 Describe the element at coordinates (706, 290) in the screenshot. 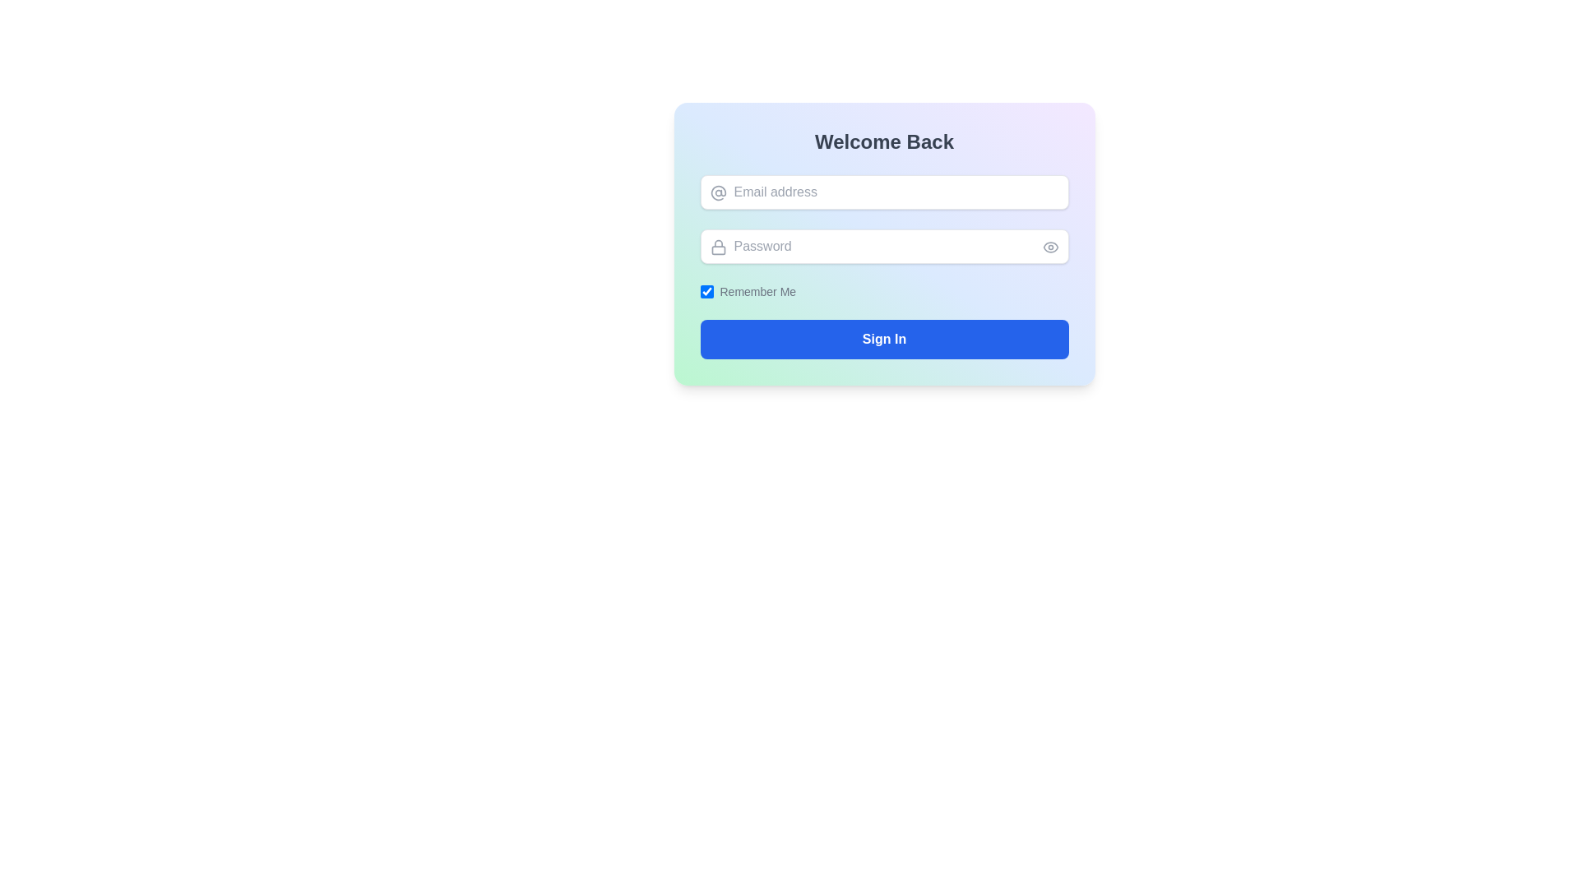

I see `the 'Remember Me' checkbox to observe the hover effects` at that location.